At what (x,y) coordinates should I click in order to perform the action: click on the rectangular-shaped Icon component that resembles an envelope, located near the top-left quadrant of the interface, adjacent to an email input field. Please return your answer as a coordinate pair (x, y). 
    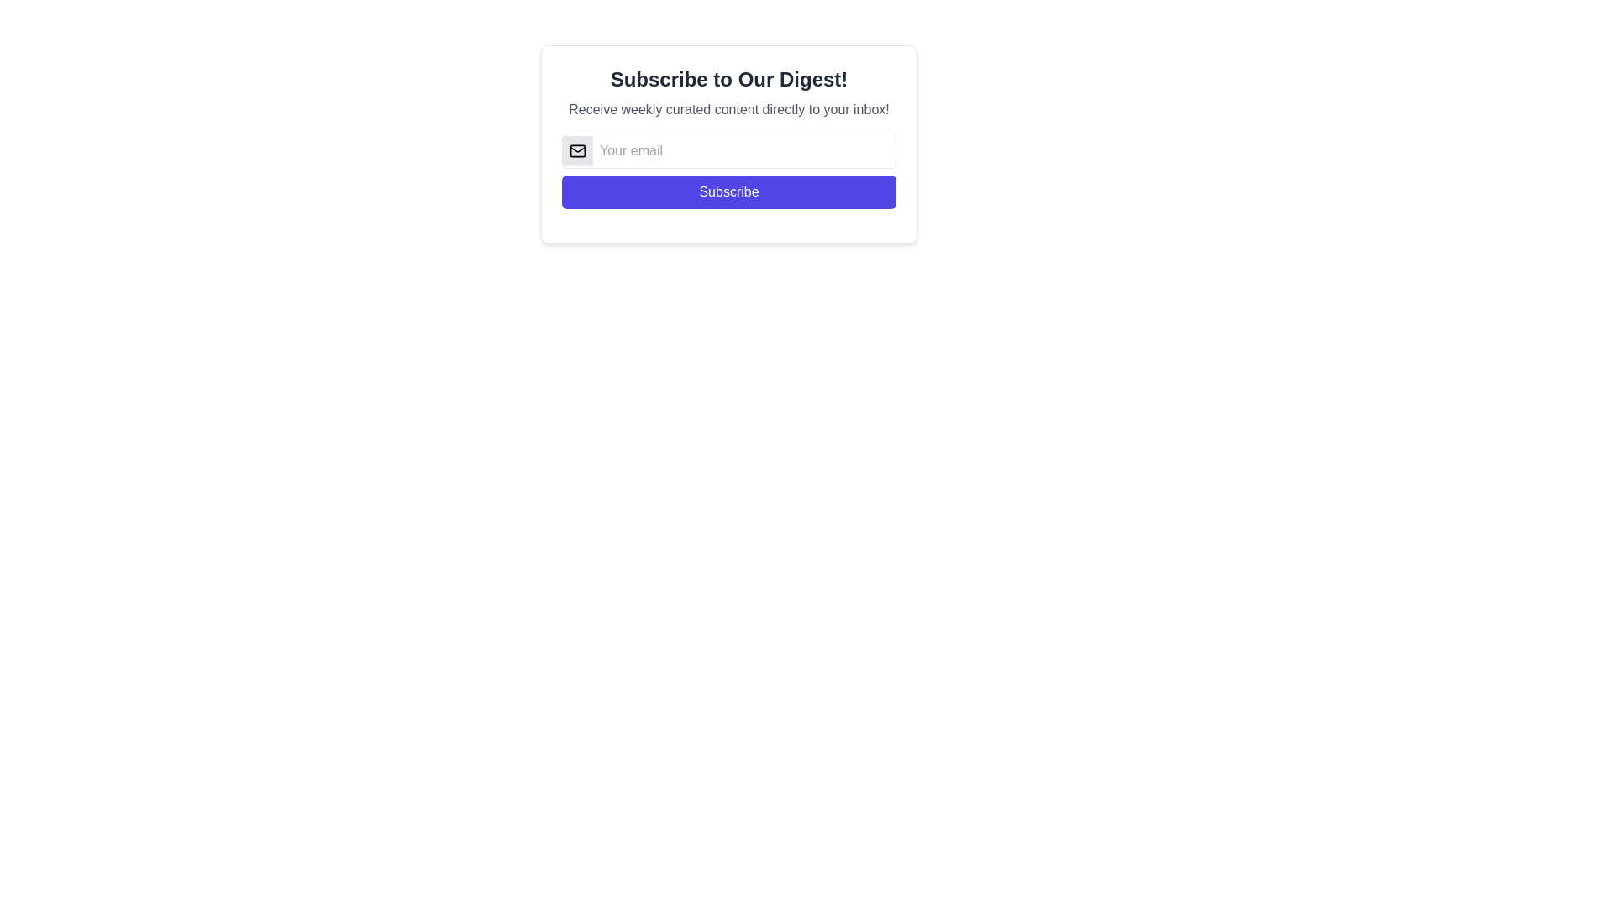
    Looking at the image, I should click on (577, 151).